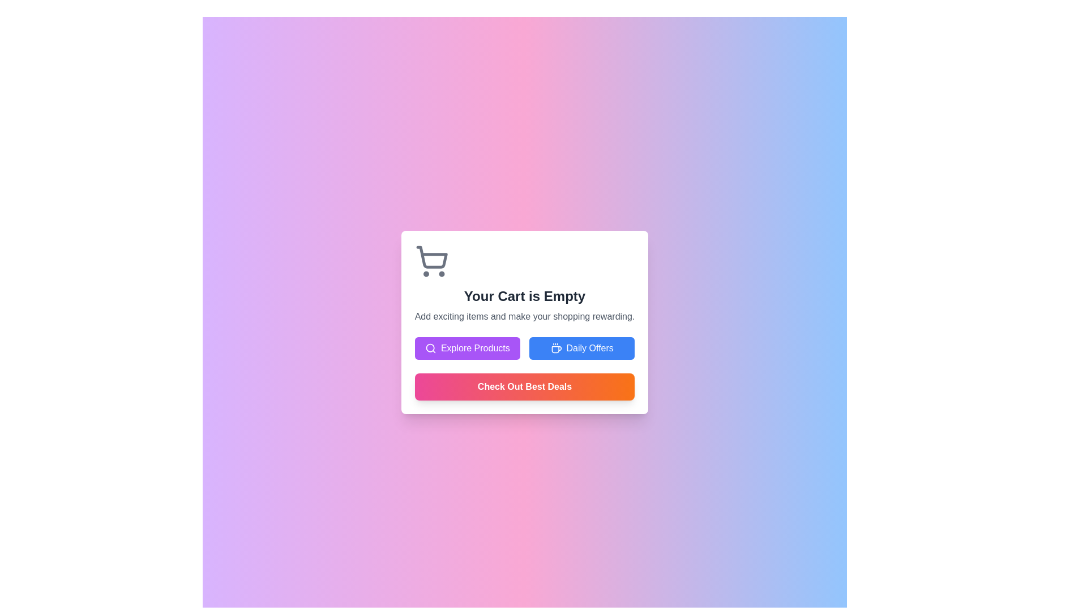 This screenshot has height=611, width=1087. What do you see at coordinates (556, 348) in the screenshot?
I see `the blue button labeled 'Daily Offers' which contains the coffee cup icon located to the left of the text` at bounding box center [556, 348].